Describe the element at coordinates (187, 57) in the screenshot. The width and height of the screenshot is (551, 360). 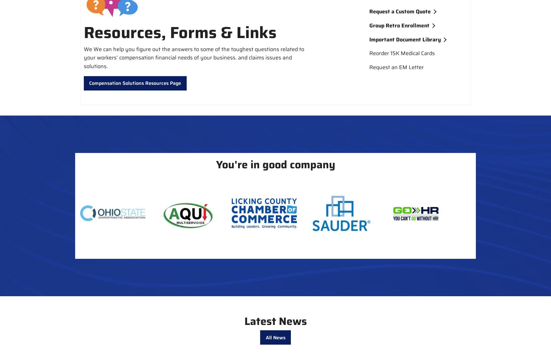
I see `'your workers’ compensation financial needs of your business. and claims issues and'` at that location.